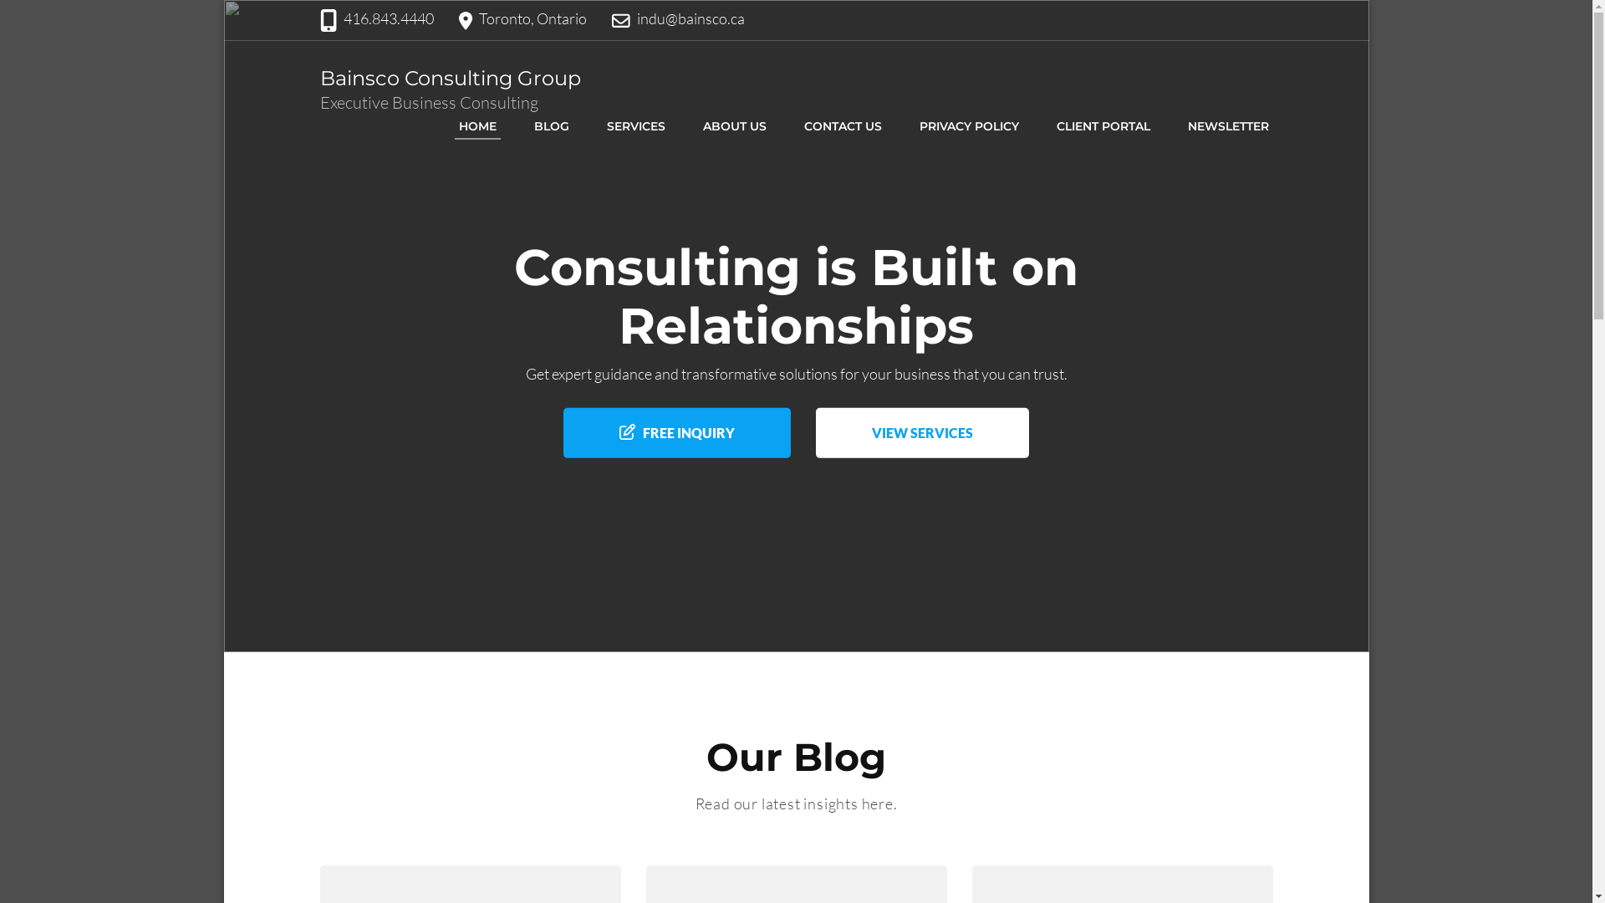 This screenshot has height=903, width=1605. What do you see at coordinates (676, 431) in the screenshot?
I see `'FREE INQUIRY'` at bounding box center [676, 431].